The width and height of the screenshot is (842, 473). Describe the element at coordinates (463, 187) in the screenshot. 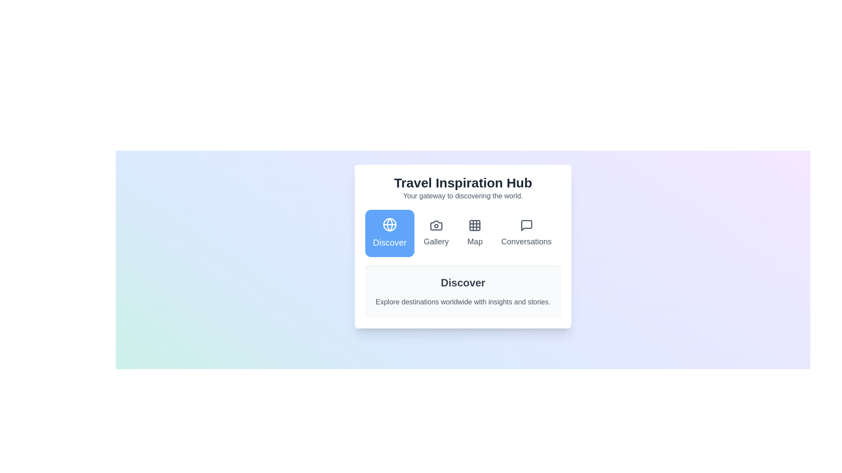

I see `the text block titled 'Travel Inspiration Hub' which contains the subtitle 'Your gateway to discovering the world.'` at that location.